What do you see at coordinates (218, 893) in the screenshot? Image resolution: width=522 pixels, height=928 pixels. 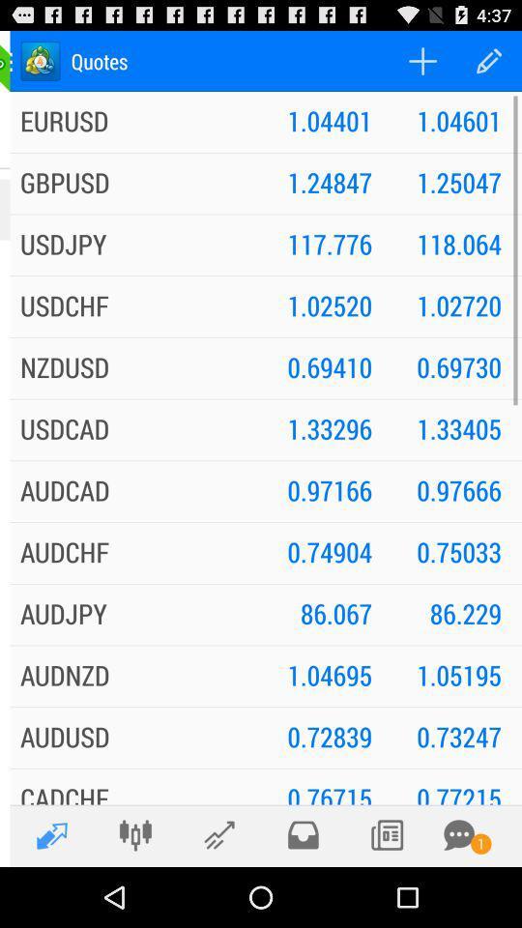 I see `the edit icon` at bounding box center [218, 893].